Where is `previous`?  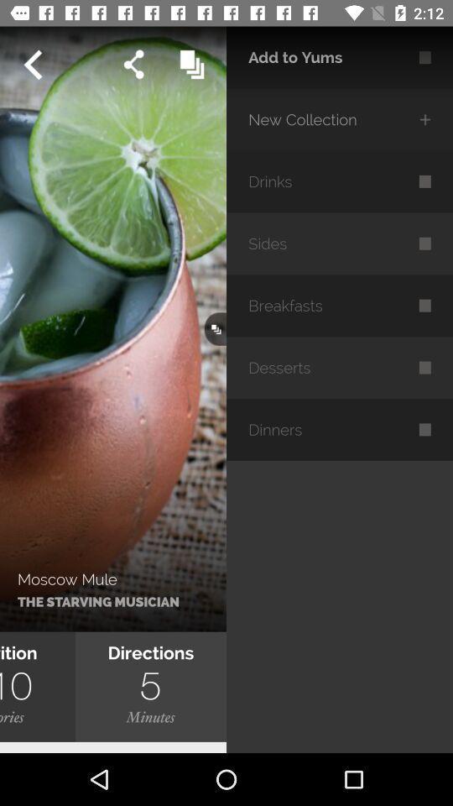
previous is located at coordinates (32, 65).